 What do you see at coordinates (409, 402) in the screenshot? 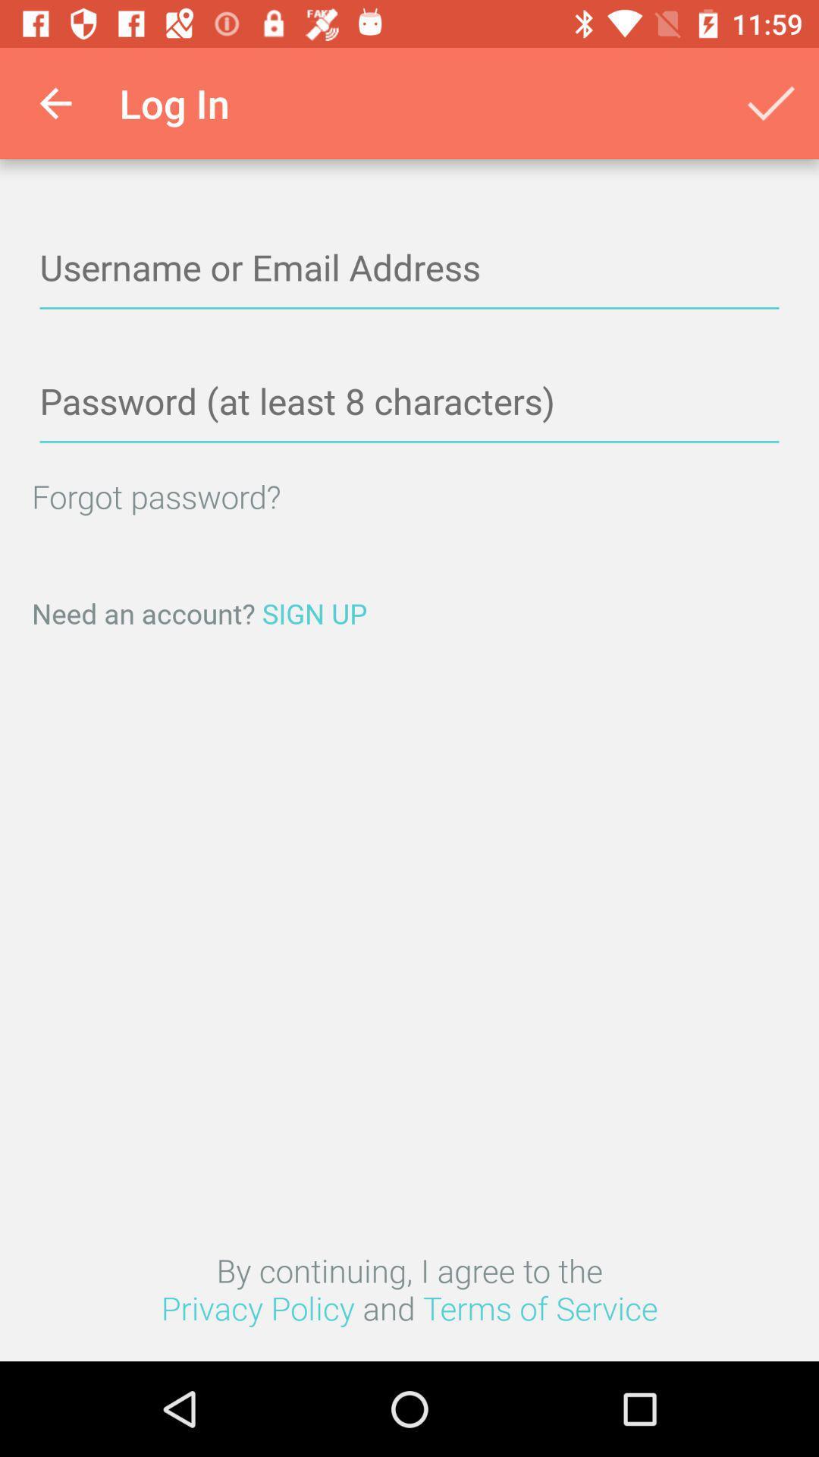
I see `safty lock number` at bounding box center [409, 402].